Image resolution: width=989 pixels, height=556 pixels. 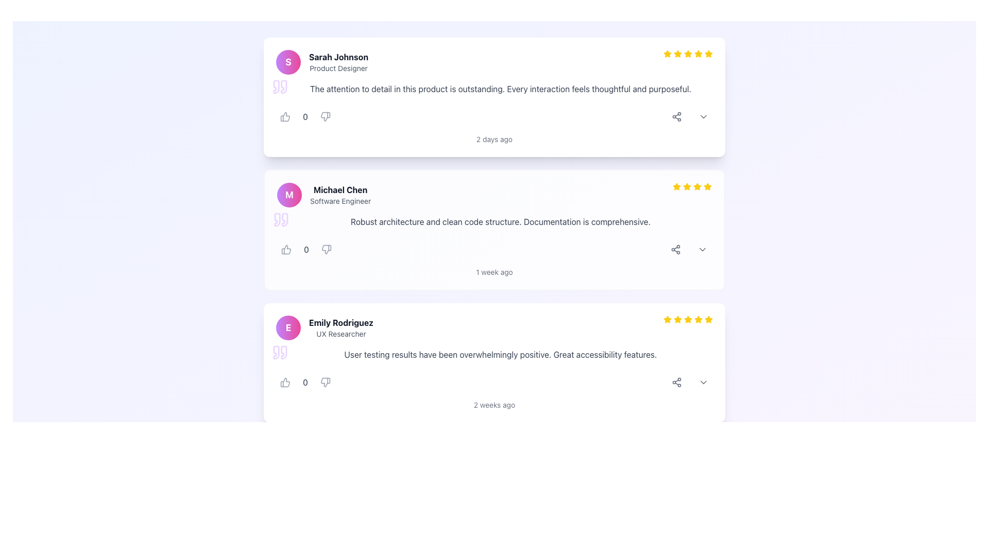 What do you see at coordinates (687, 54) in the screenshot?
I see `on the fourth star icon in the 5-star rating bar representing a rating system, located in the top card of the interface containing Sarah Johnson's review` at bounding box center [687, 54].